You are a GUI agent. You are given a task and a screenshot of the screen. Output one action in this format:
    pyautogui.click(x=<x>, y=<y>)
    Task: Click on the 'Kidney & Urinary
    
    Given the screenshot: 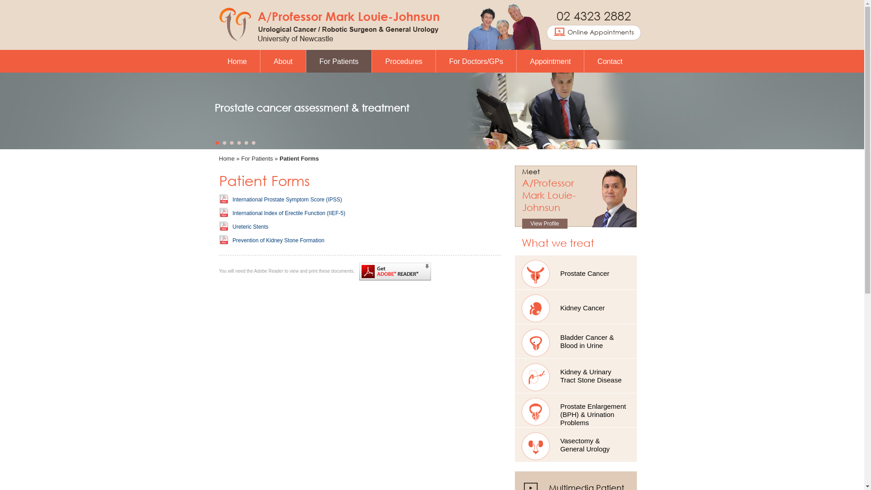 What is the action you would take?
    pyautogui.click(x=575, y=376)
    